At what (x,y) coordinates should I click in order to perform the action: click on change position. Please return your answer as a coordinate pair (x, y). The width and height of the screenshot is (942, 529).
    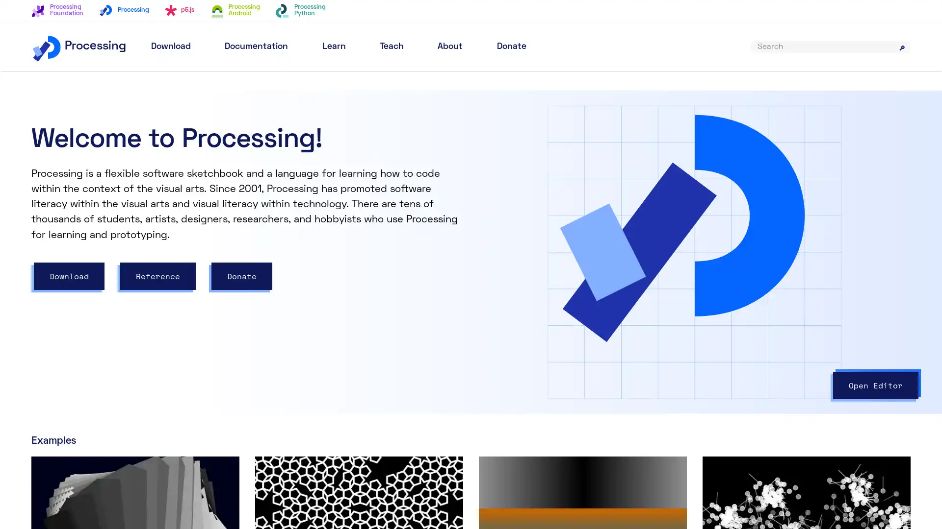
    Looking at the image, I should click on (559, 325).